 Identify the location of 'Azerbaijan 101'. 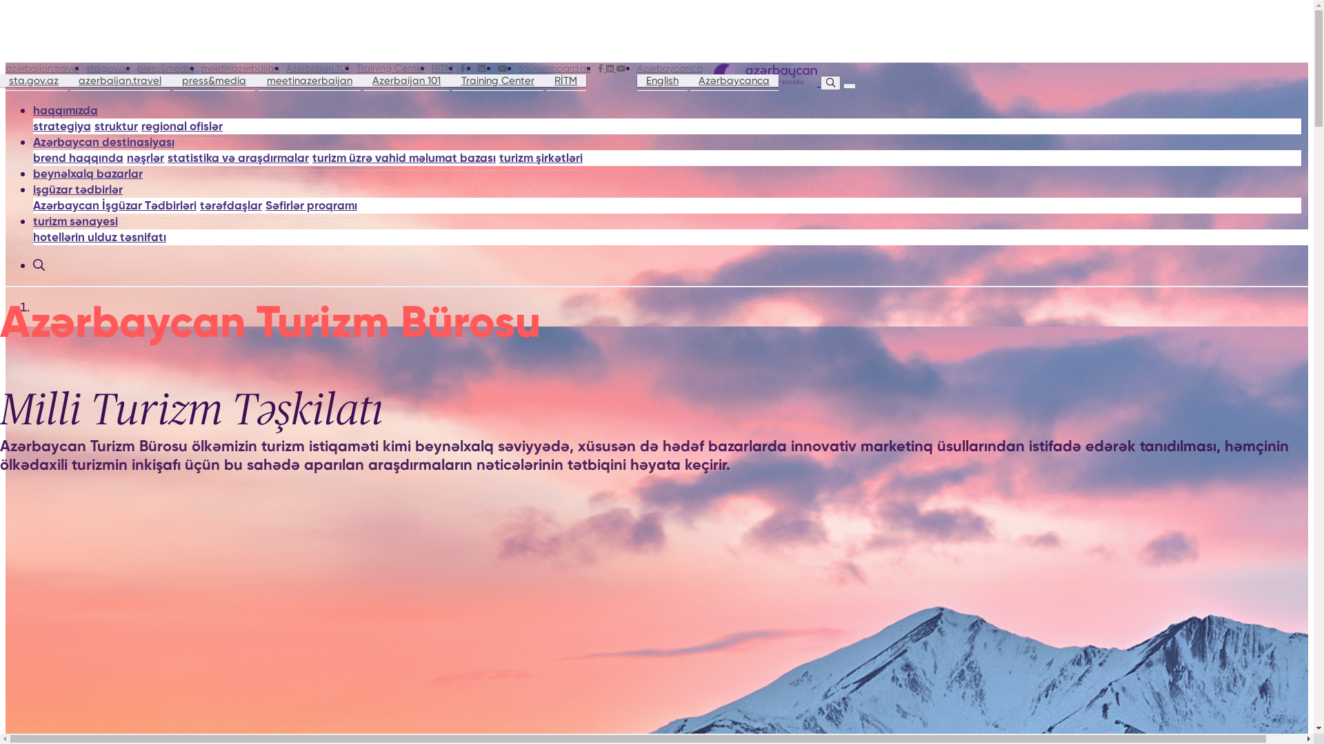
(317, 68).